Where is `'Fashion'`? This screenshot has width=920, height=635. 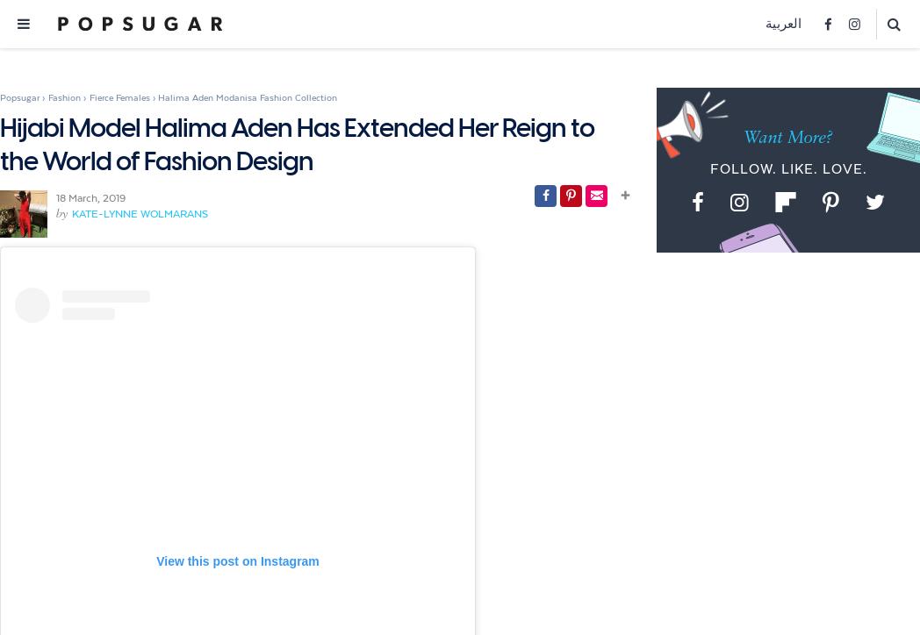 'Fashion' is located at coordinates (64, 96).